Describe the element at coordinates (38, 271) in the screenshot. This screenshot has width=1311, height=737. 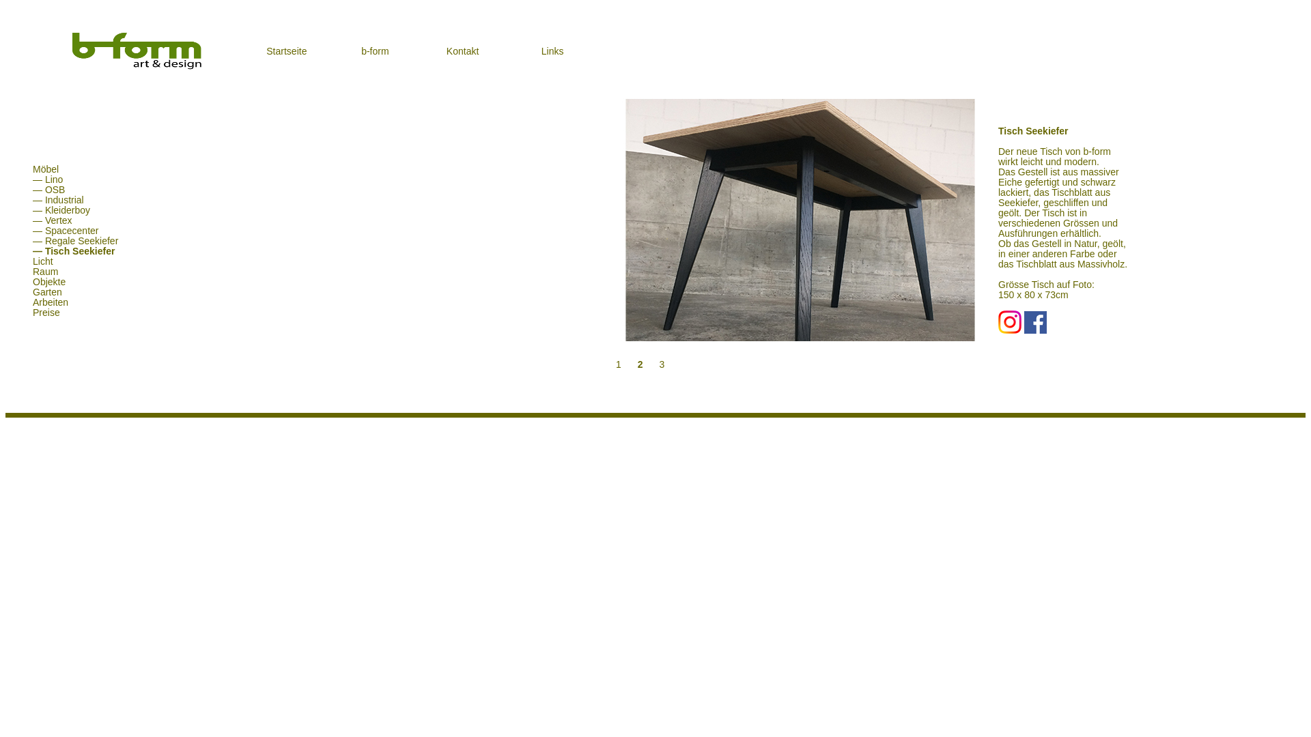
I see `'Raum'` at that location.